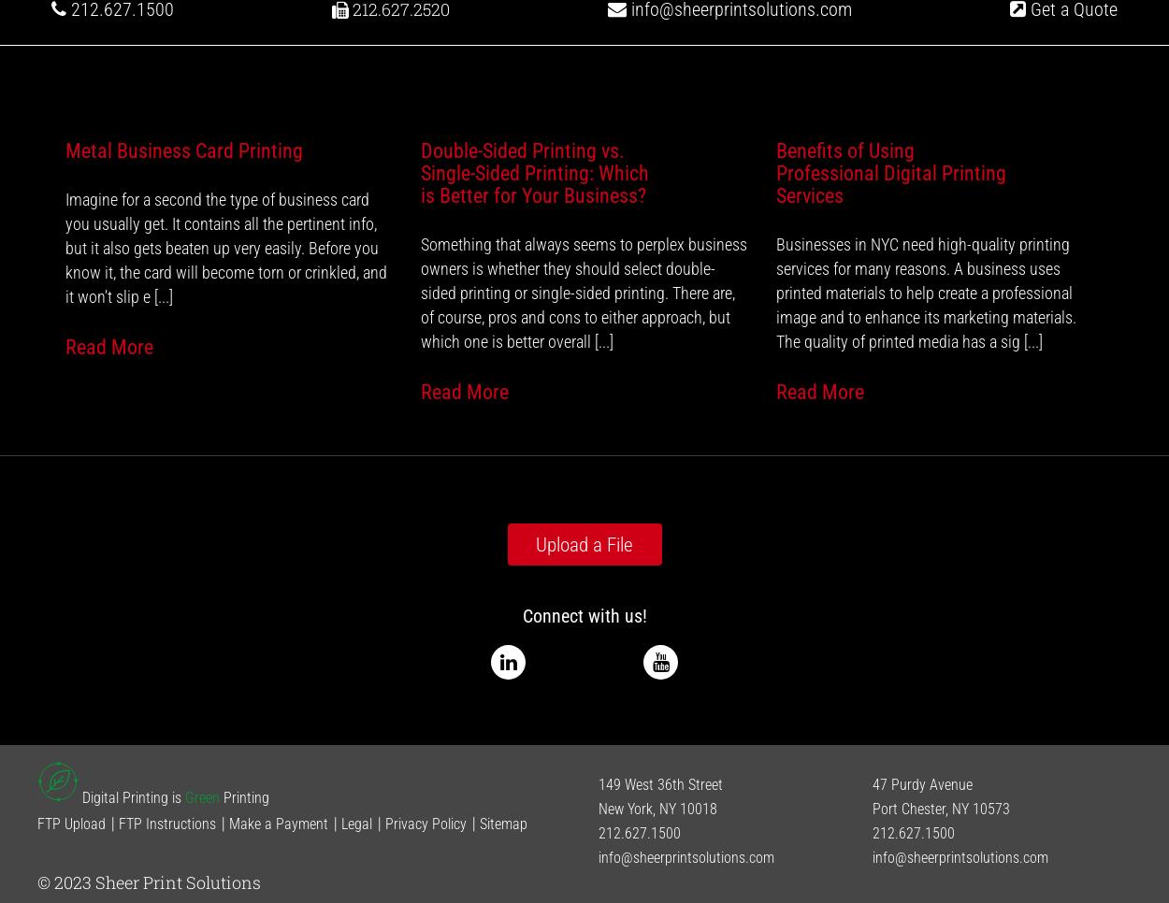 This screenshot has height=903, width=1169. Describe the element at coordinates (599, 809) in the screenshot. I see `'New York, NY 10018'` at that location.